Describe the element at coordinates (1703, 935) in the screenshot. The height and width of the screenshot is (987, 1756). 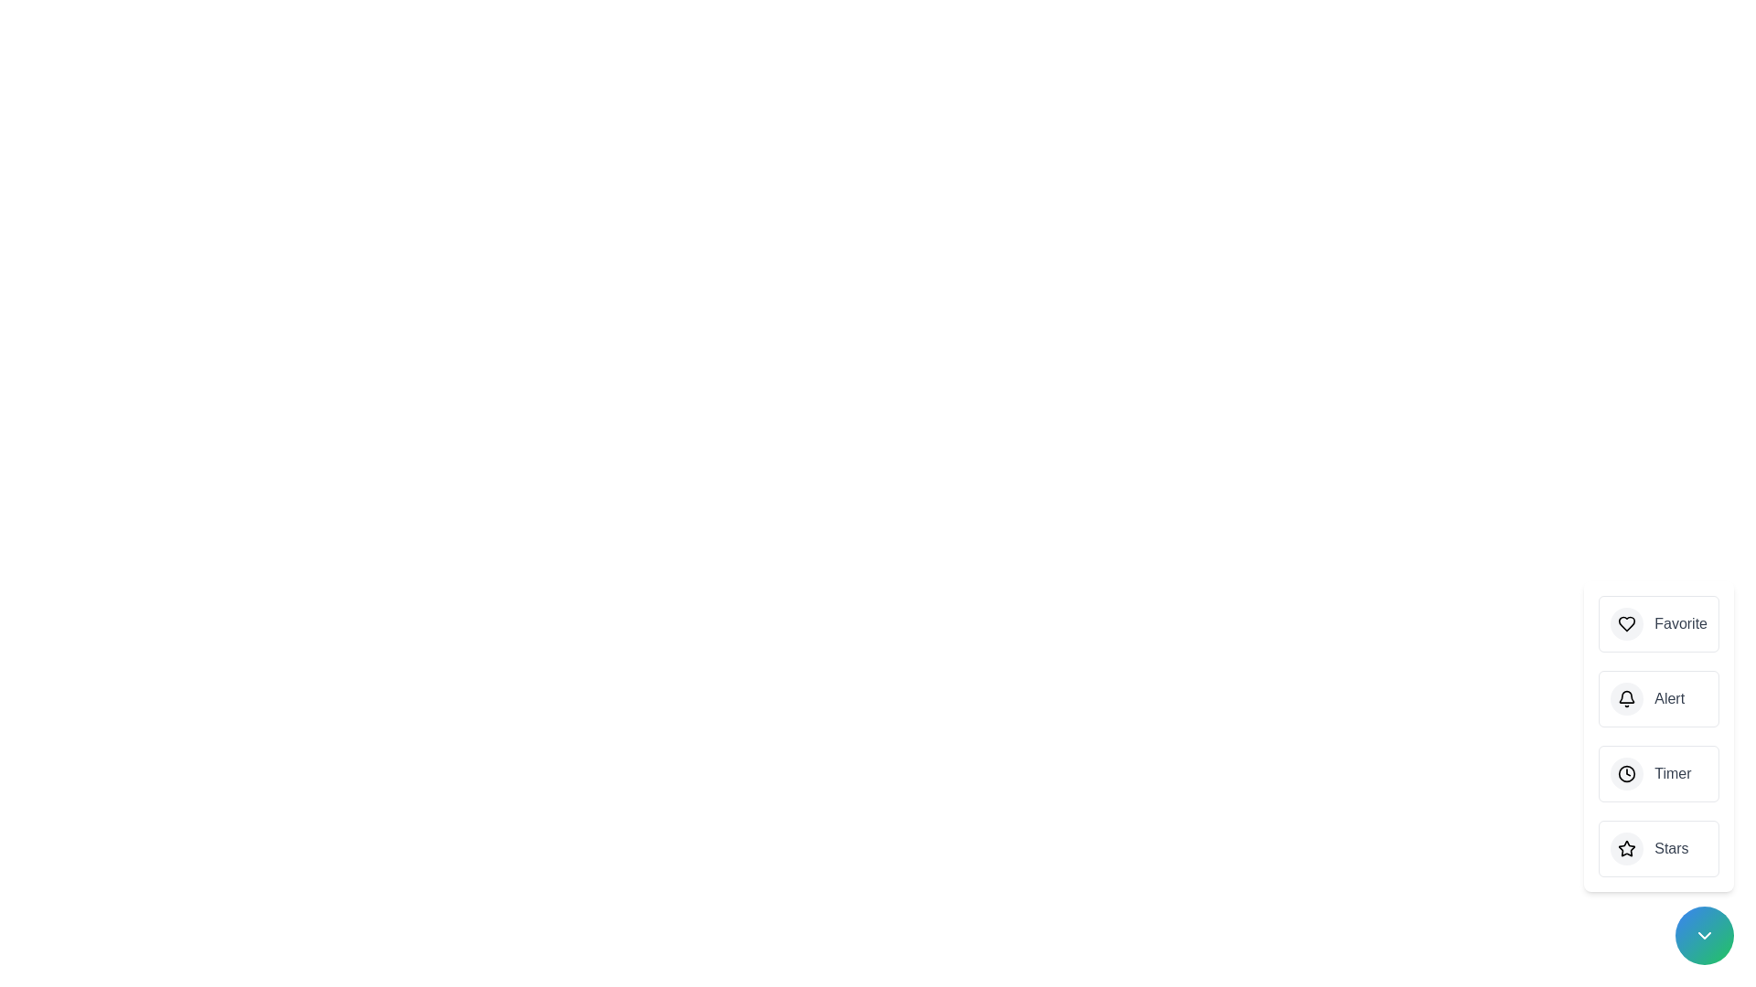
I see `the main button to toggle the speed dial menu` at that location.